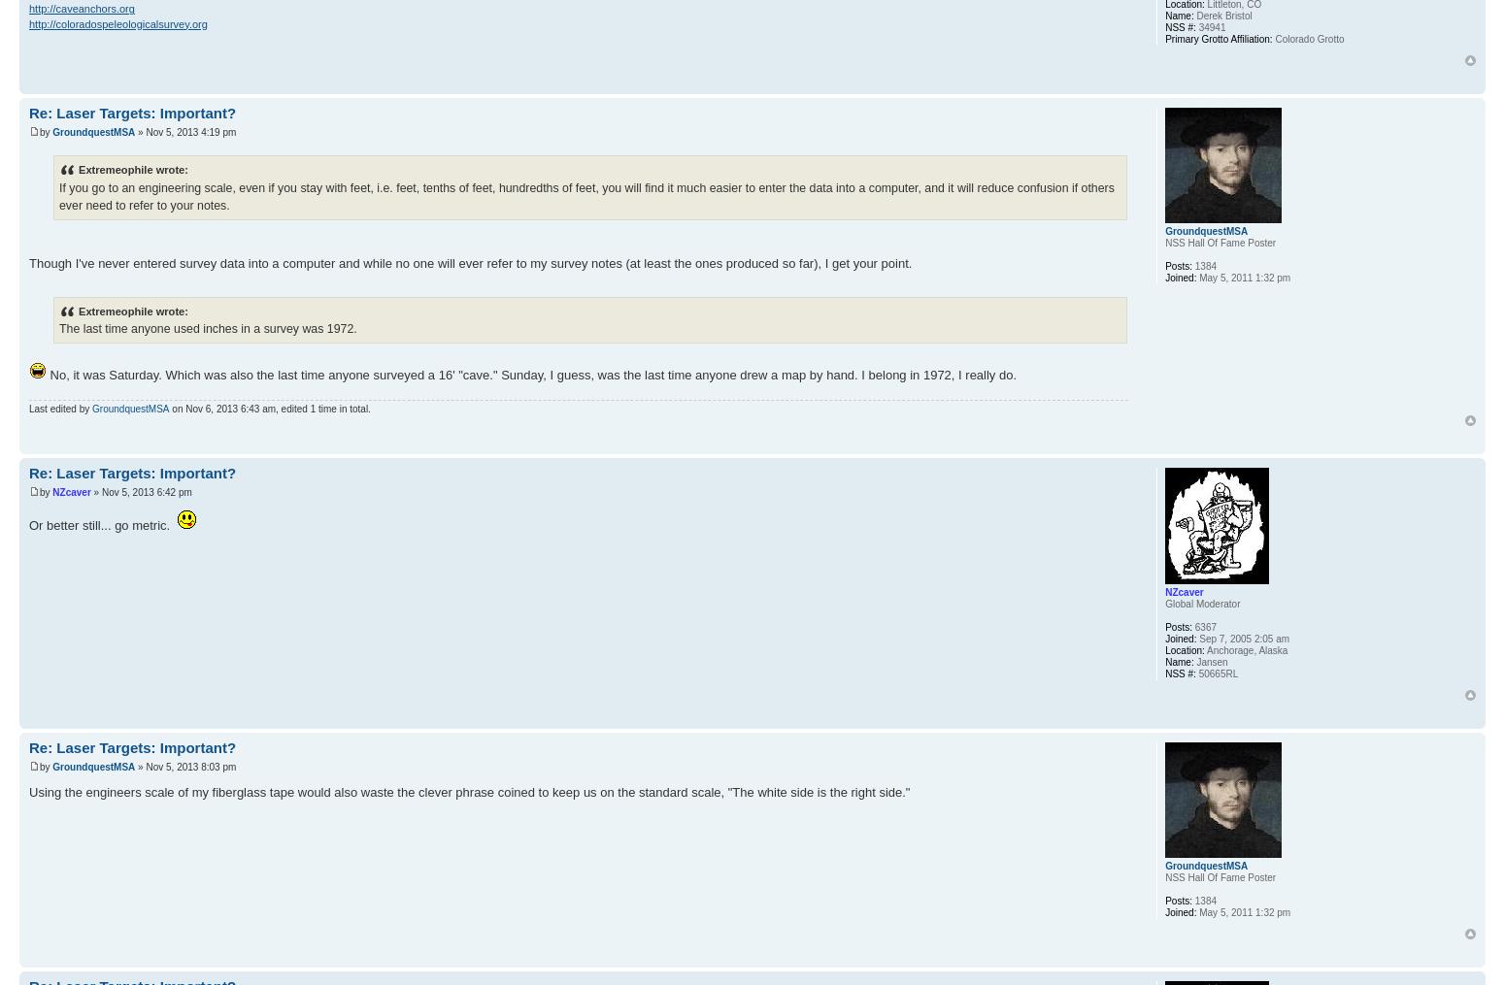  I want to click on 'Or better still... go metric.', so click(101, 524).